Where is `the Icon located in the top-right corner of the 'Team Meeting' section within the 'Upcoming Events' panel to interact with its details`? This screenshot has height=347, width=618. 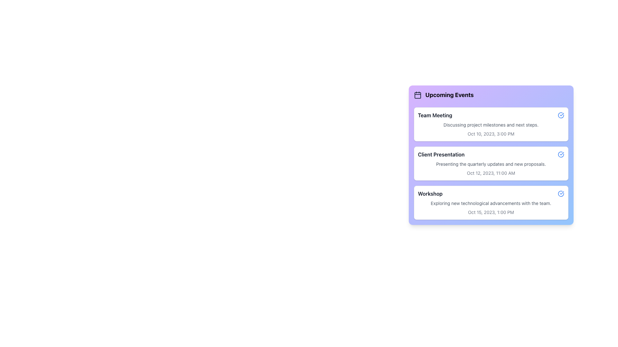
the Icon located in the top-right corner of the 'Team Meeting' section within the 'Upcoming Events' panel to interact with its details is located at coordinates (560, 115).